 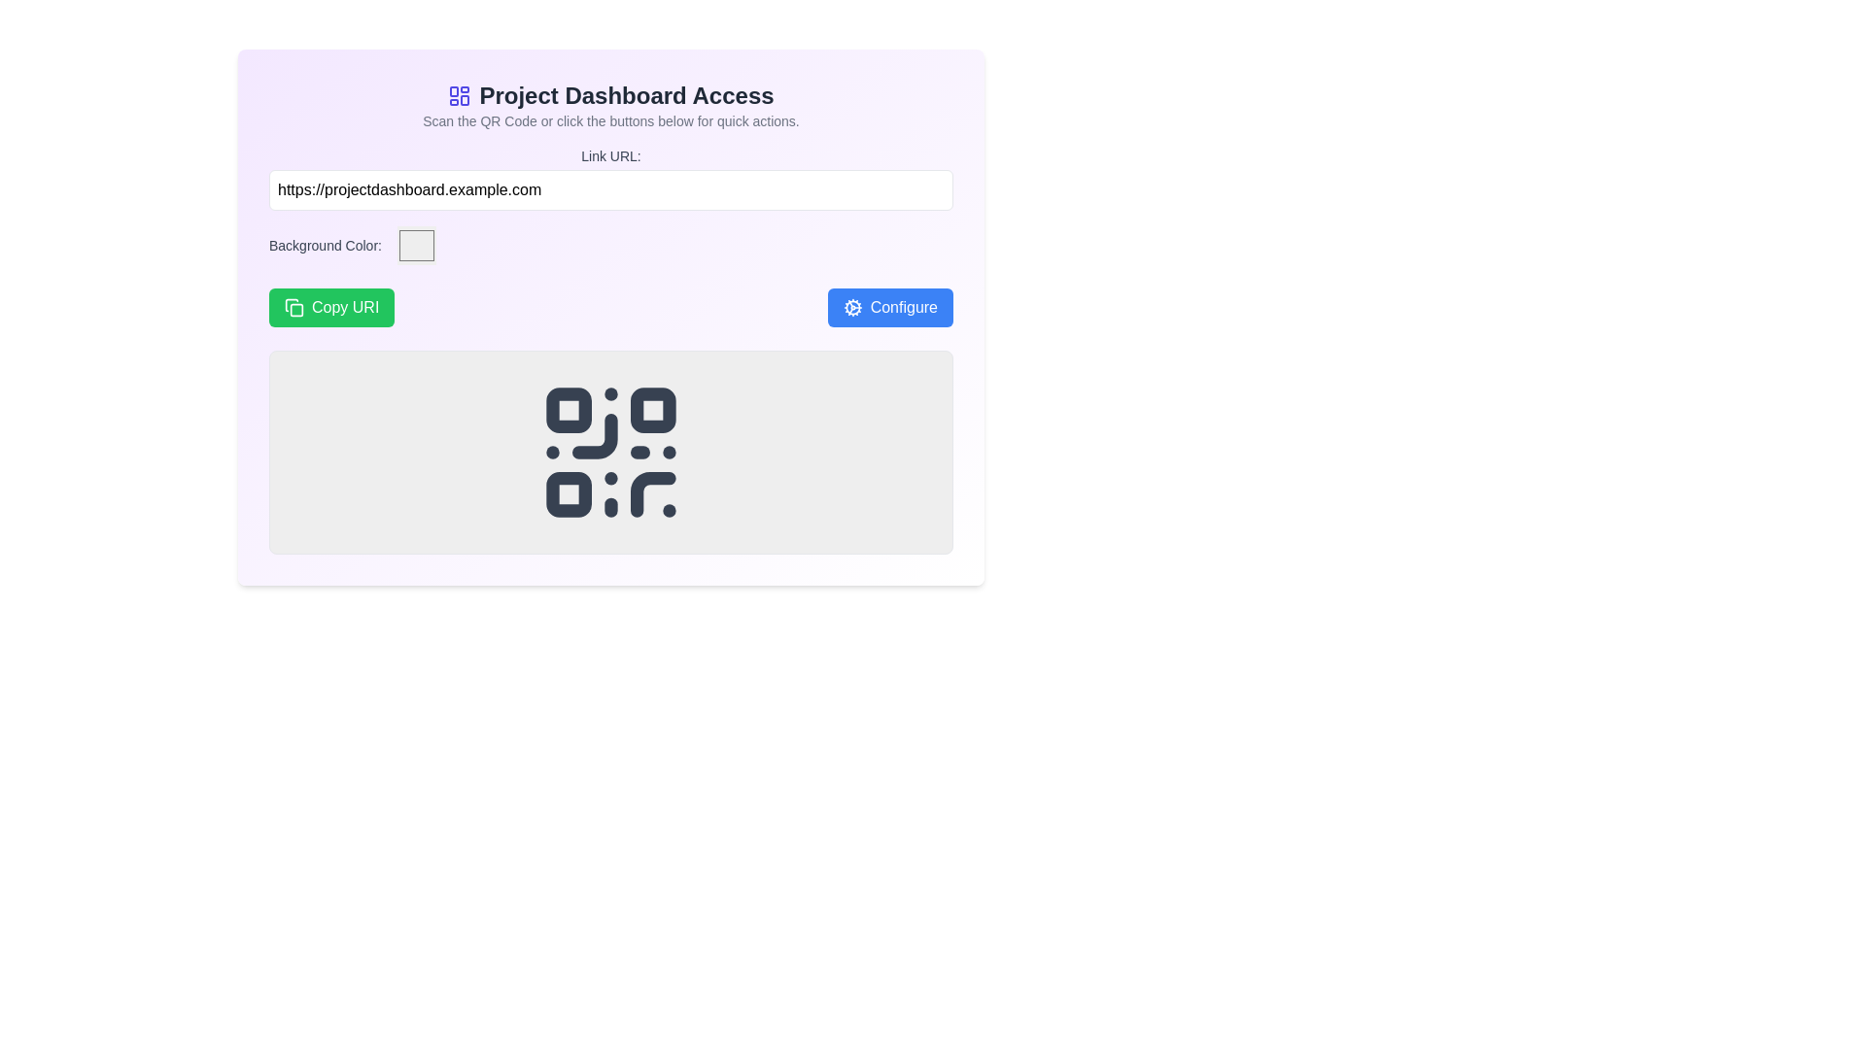 What do you see at coordinates (568, 409) in the screenshot?
I see `the small square with rounded corners located in the top-left corner of the QR code graphic` at bounding box center [568, 409].